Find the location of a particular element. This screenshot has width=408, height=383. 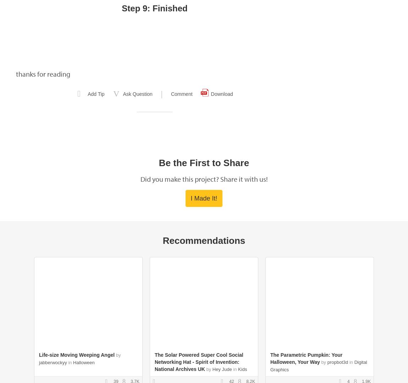

'Halloween' is located at coordinates (83, 362).